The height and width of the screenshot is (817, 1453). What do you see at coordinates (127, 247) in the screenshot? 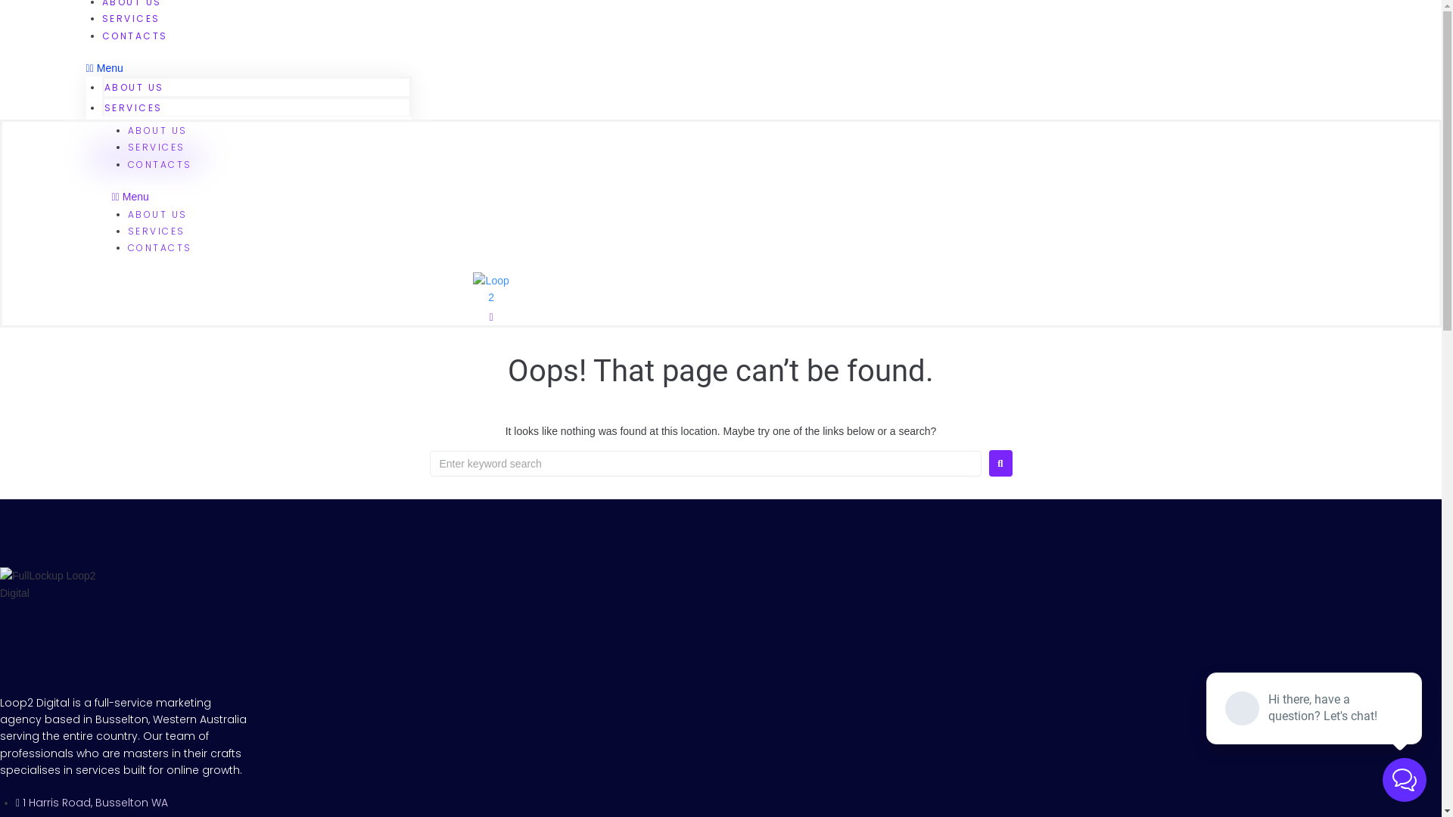
I see `'CONTACTS'` at bounding box center [127, 247].